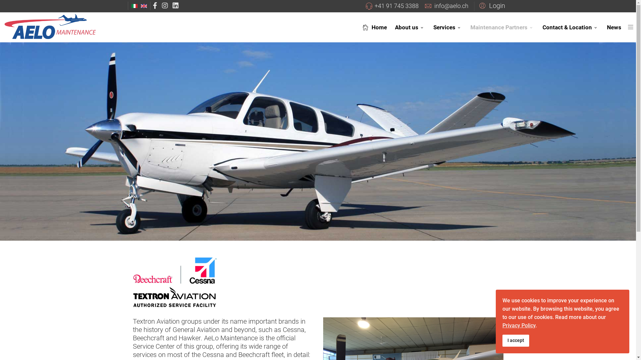 The width and height of the screenshot is (641, 360). Describe the element at coordinates (502, 341) in the screenshot. I see `'I accept'` at that location.